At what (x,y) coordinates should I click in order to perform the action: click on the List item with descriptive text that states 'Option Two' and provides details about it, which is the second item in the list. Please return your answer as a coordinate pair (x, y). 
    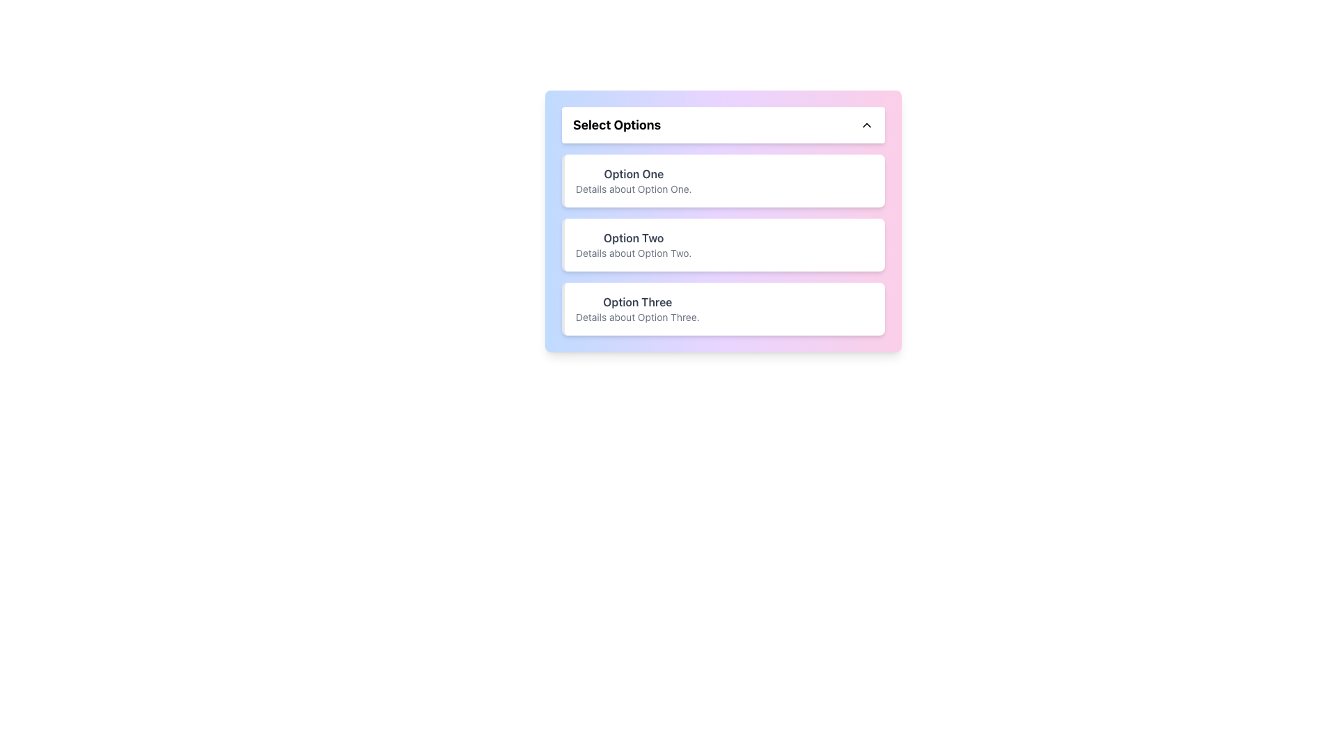
    Looking at the image, I should click on (633, 244).